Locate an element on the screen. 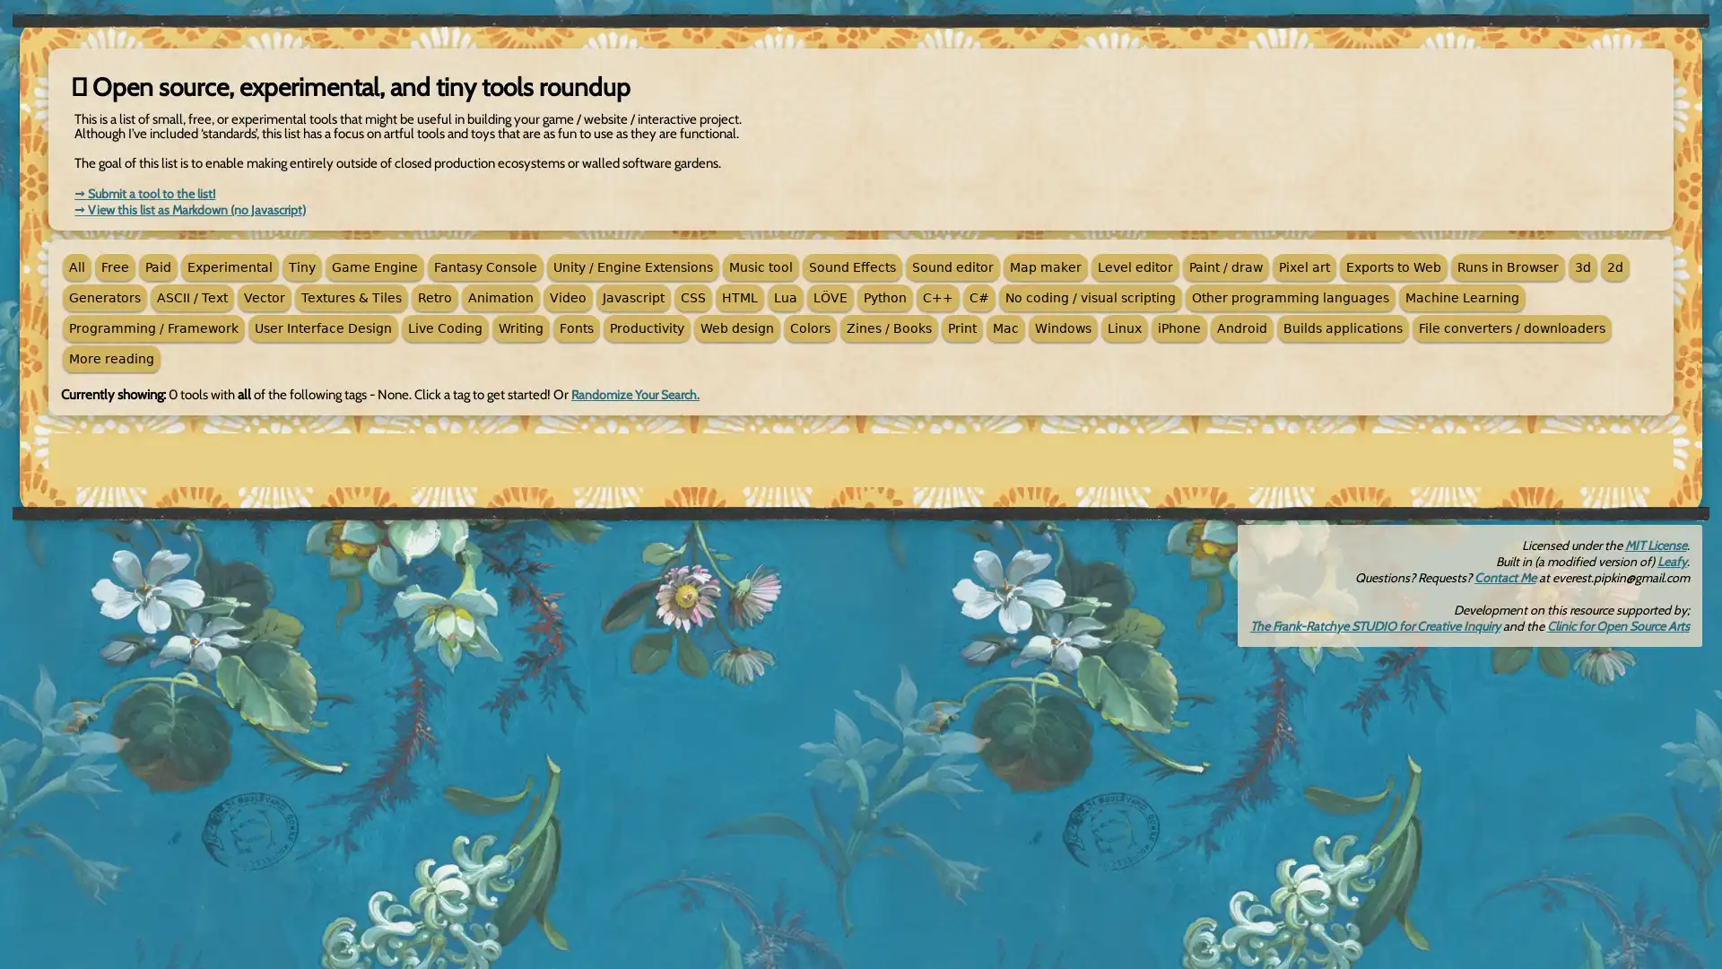 The width and height of the screenshot is (1722, 969). Web design is located at coordinates (736, 328).